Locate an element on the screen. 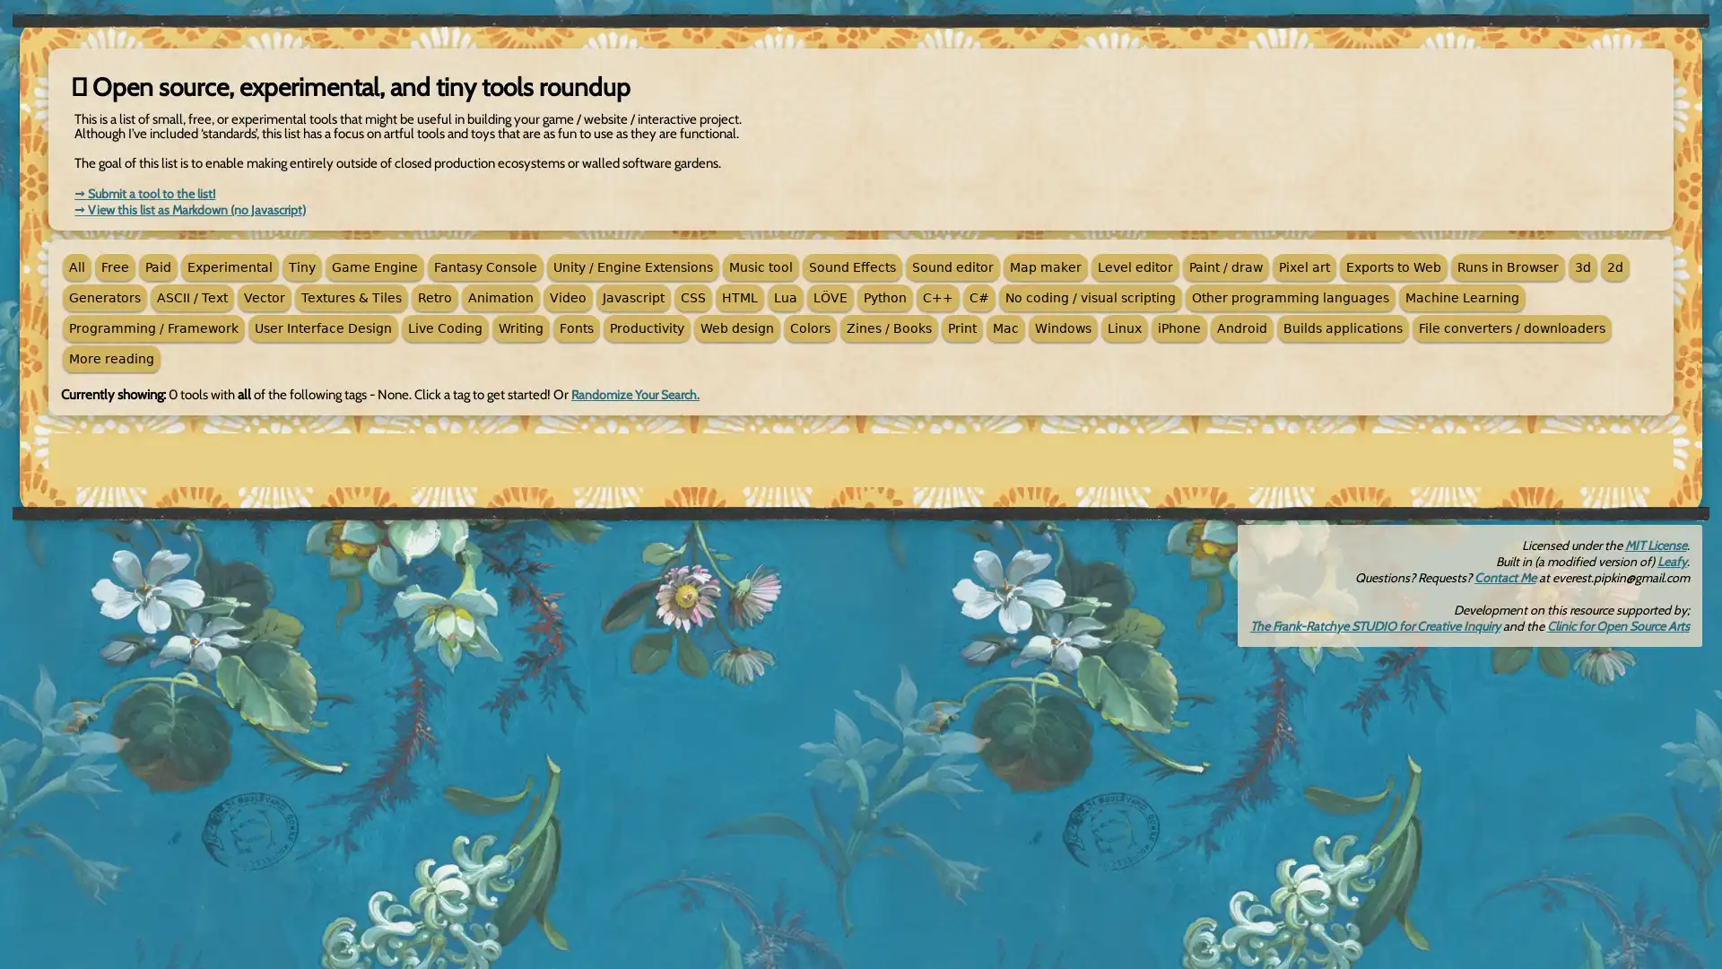 The width and height of the screenshot is (1722, 969). Web design is located at coordinates (736, 328).